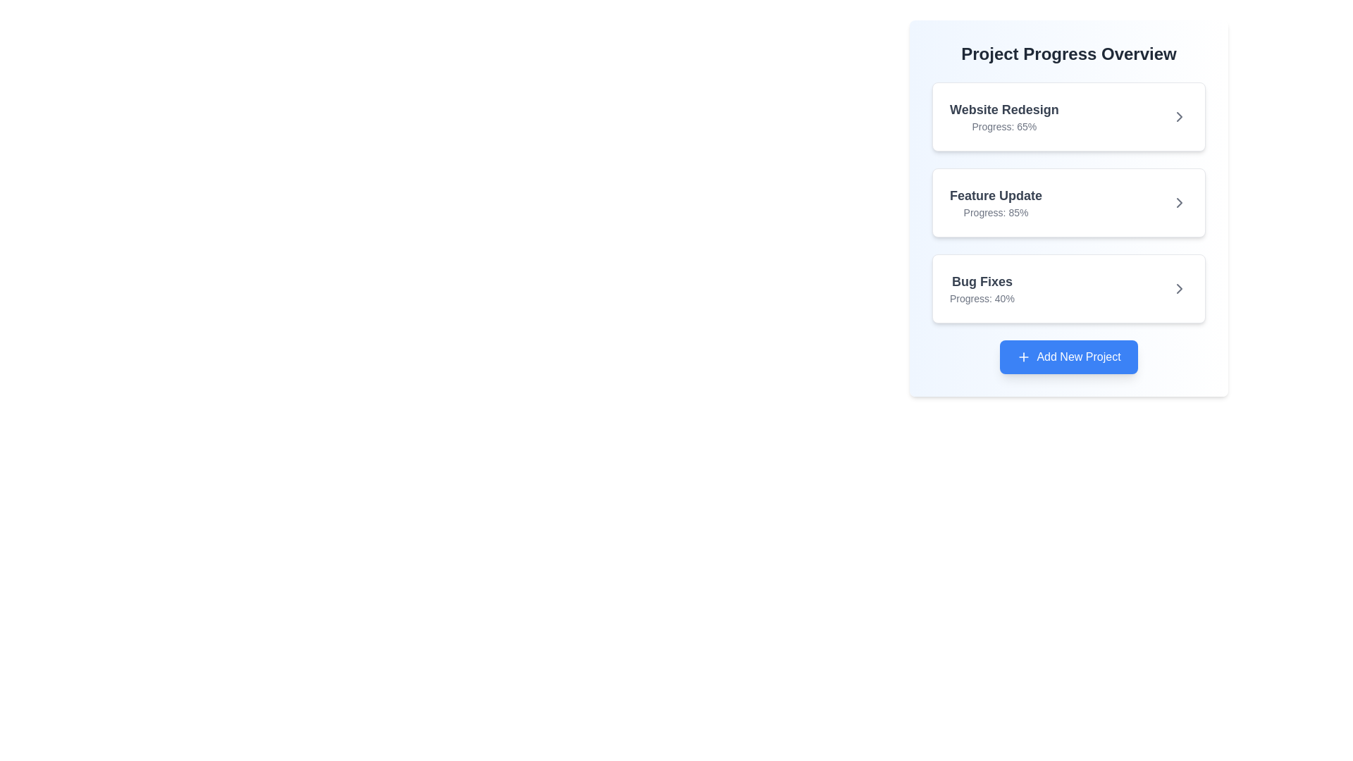  What do you see at coordinates (1003, 116) in the screenshot?
I see `the static text display that shows the title and progress percentage of the 'Website Redesign' project, which is the first card in the vertical list of project progress cards` at bounding box center [1003, 116].